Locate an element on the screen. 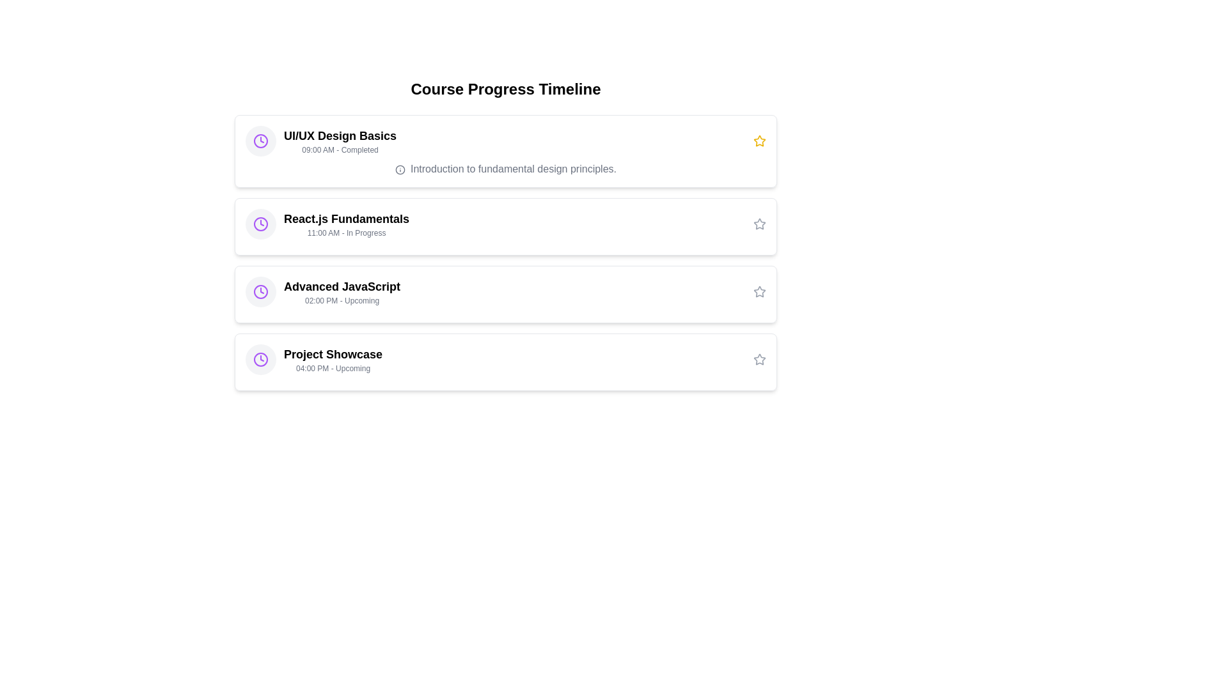  the static text displaying the title of a completed course session, which is located directly below the 'Course Progress Timeline' heading and to the right of a clock icon is located at coordinates (340, 141).